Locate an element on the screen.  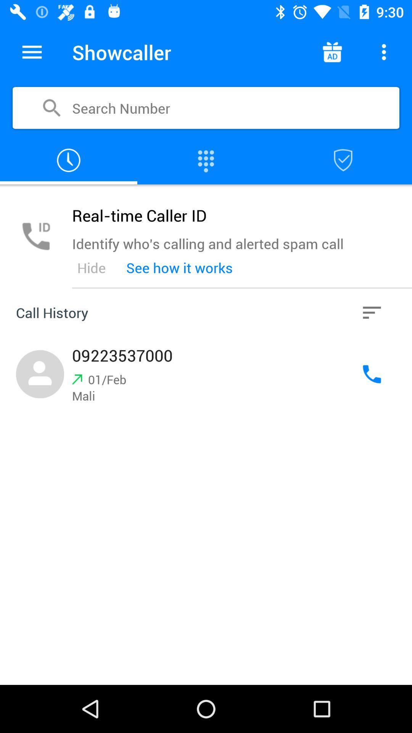
call history is located at coordinates (69, 160).